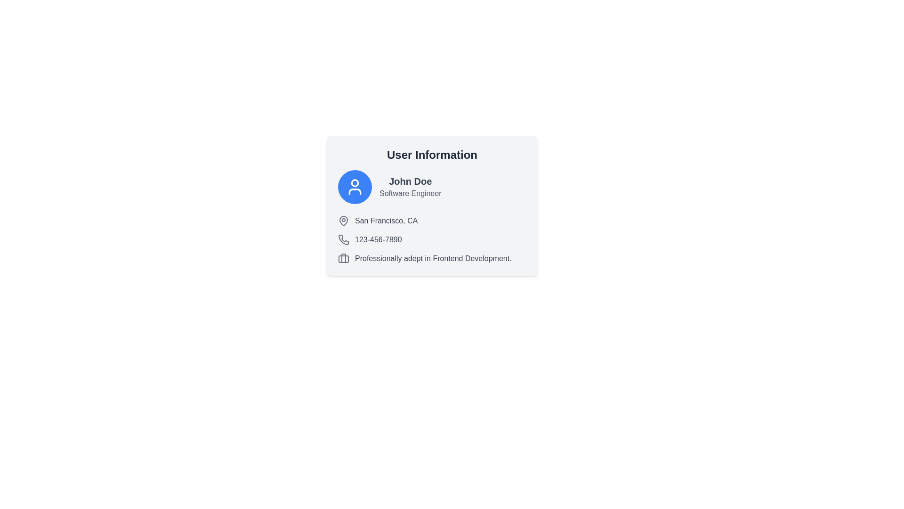  What do you see at coordinates (354, 187) in the screenshot?
I see `the profile icon located at the top-left corner of the user information card, which precedes the user's name and job title` at bounding box center [354, 187].